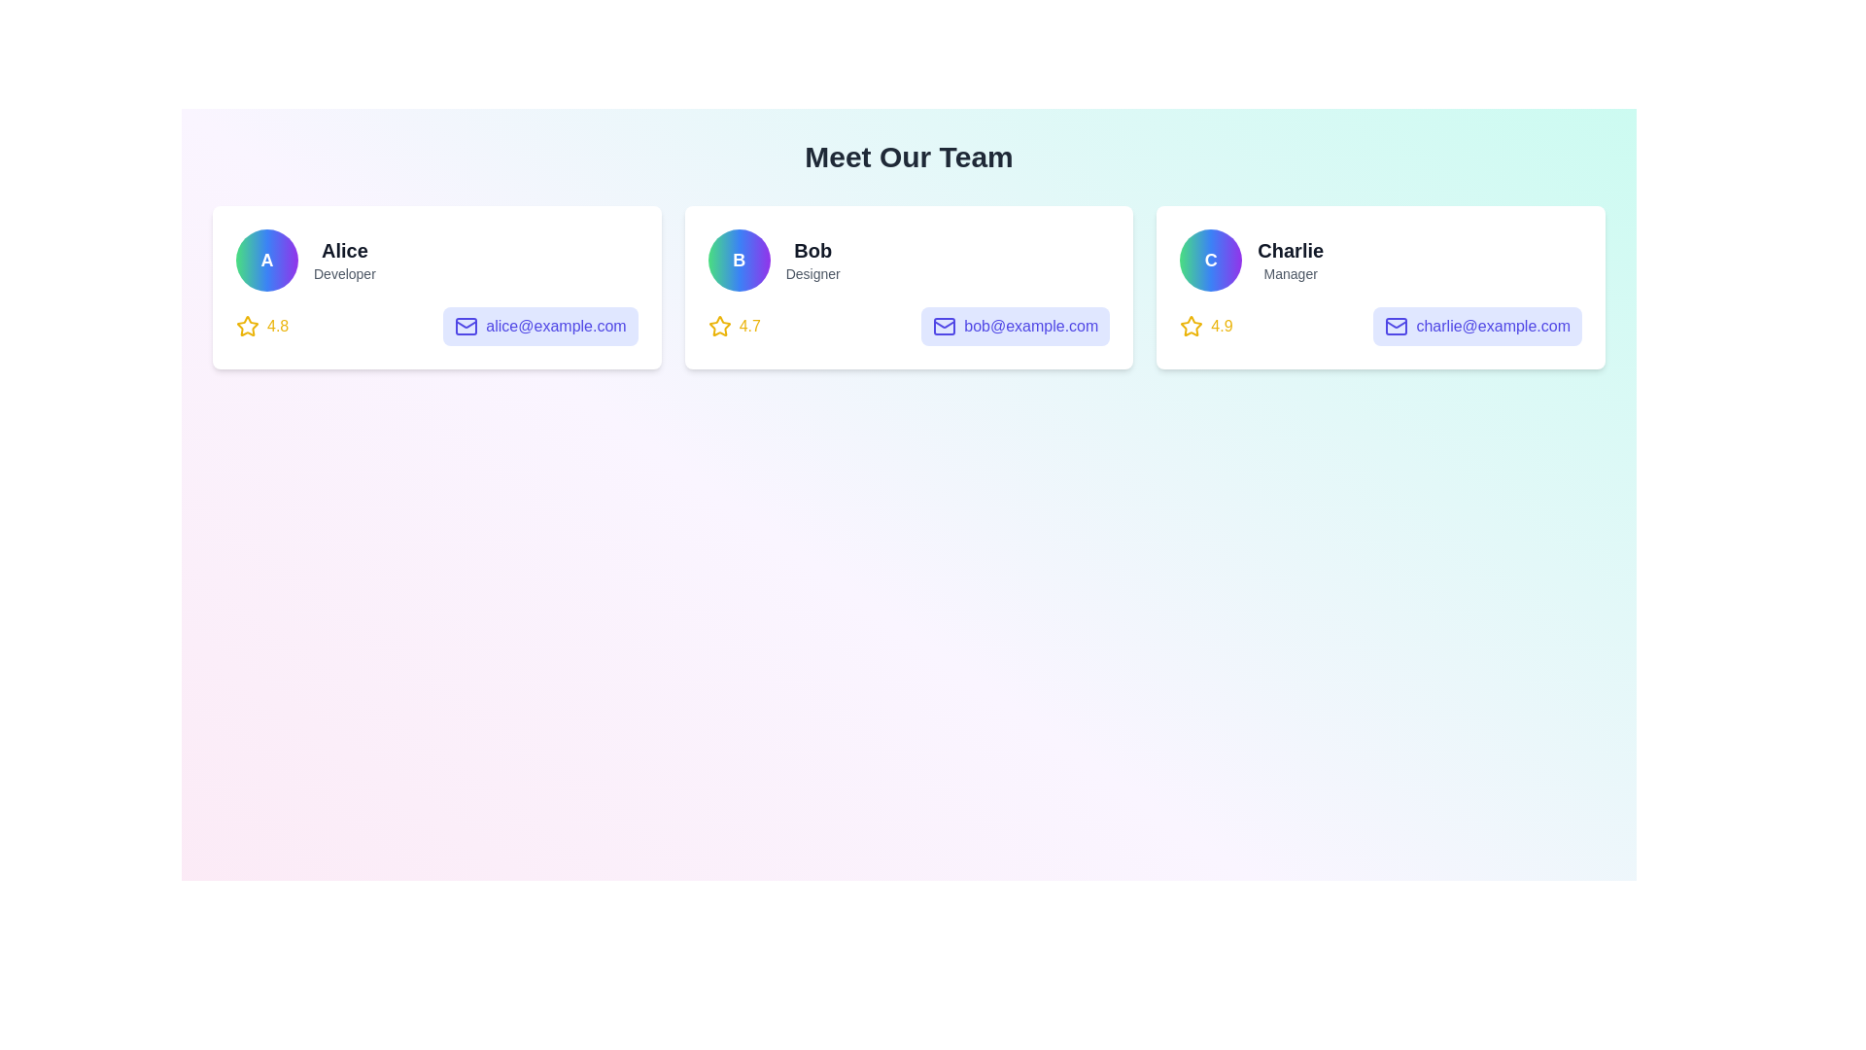 The width and height of the screenshot is (1866, 1050). Describe the element at coordinates (466, 324) in the screenshot. I see `the envelope icon representing email, located in the second card of the 'Meet Our Team' section, adjacent to the email address 'bob@example.com'` at that location.